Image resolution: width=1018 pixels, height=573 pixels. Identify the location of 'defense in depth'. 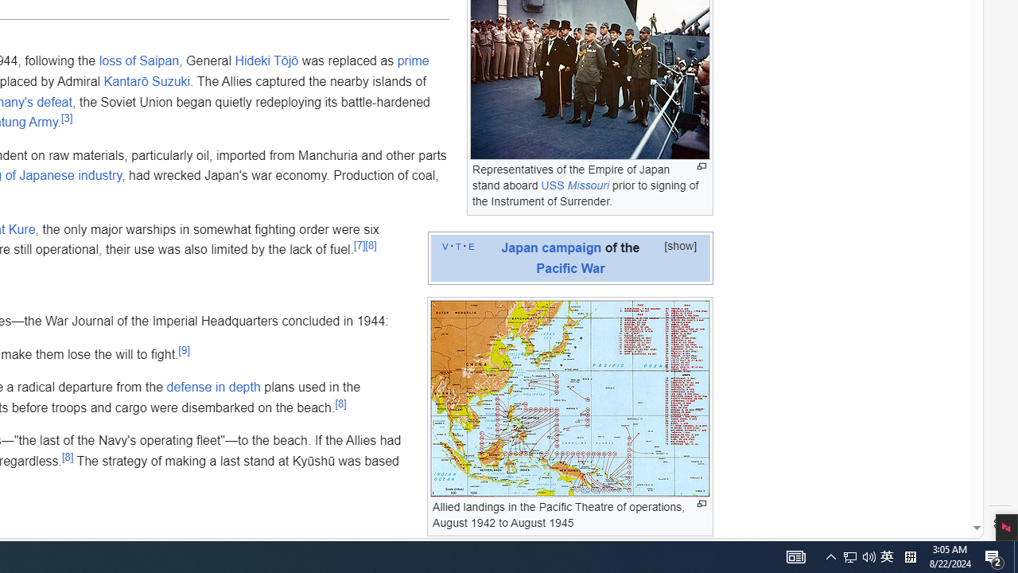
(212, 388).